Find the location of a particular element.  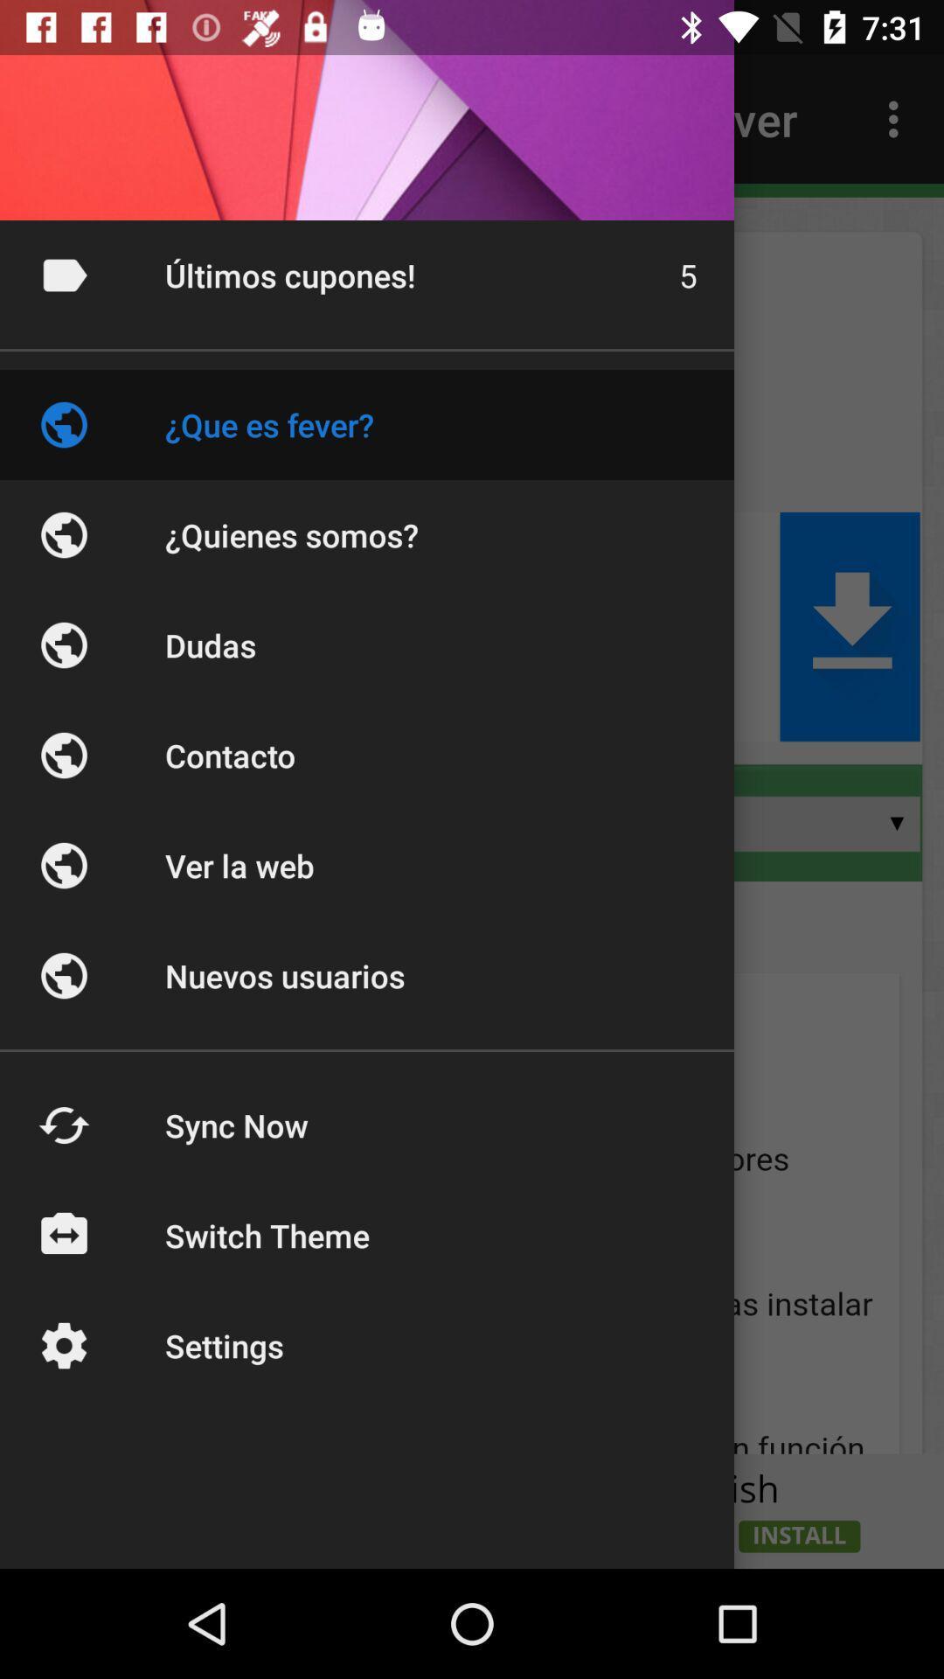

the right corner symbol beside ultimos cupones is located at coordinates (63, 275).